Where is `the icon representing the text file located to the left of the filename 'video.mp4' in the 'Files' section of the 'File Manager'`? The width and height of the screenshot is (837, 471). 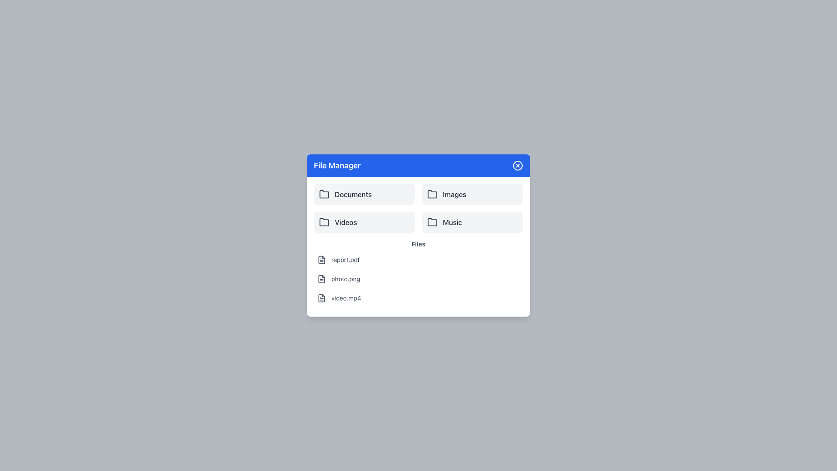 the icon representing the text file located to the left of the filename 'video.mp4' in the 'Files' section of the 'File Manager' is located at coordinates (321, 297).